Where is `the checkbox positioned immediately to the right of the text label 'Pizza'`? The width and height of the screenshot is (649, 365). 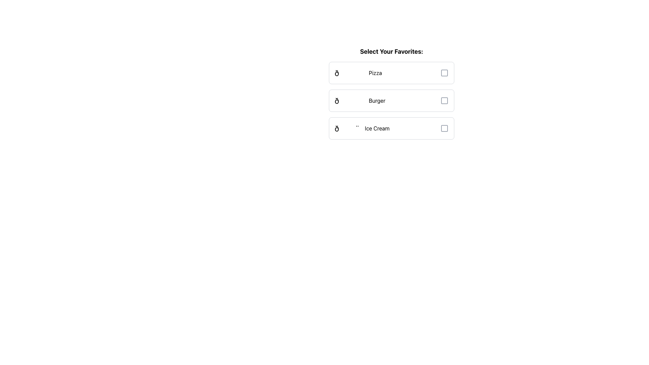
the checkbox positioned immediately to the right of the text label 'Pizza' is located at coordinates (444, 73).